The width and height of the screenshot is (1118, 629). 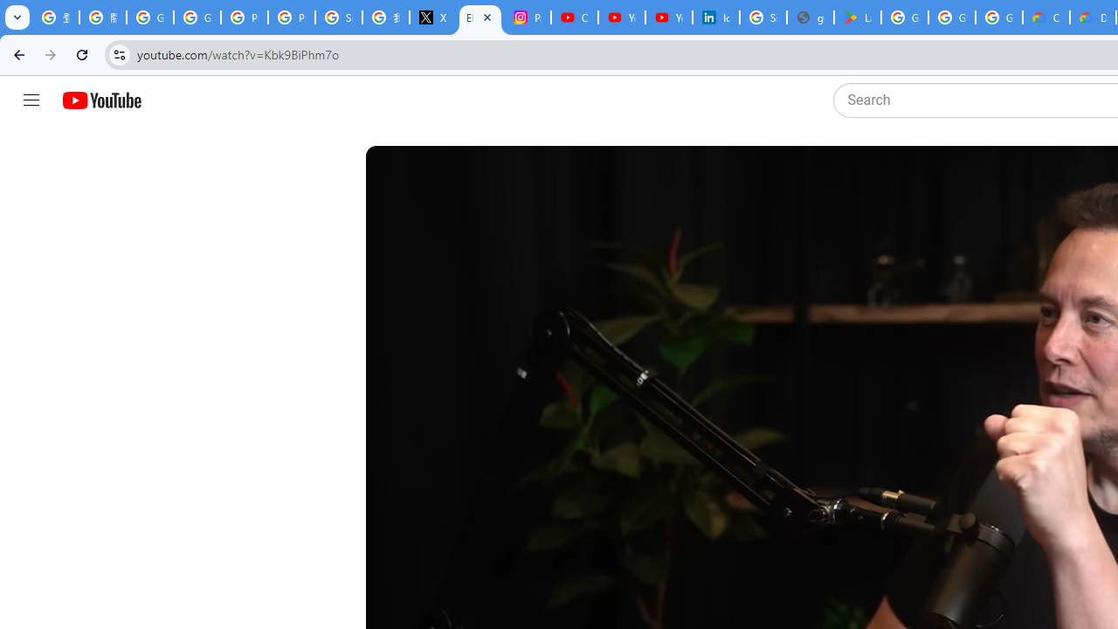 I want to click on 'YouTube Culture & Trends - YouTube Top 10, 2021', so click(x=668, y=17).